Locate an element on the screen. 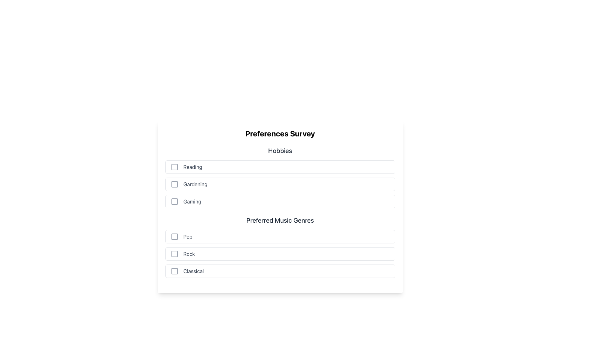  the icon for the 'Pop' section in the 'Preferred Music Genres' area, located to the left of the text 'Pop.' is located at coordinates (174, 236).